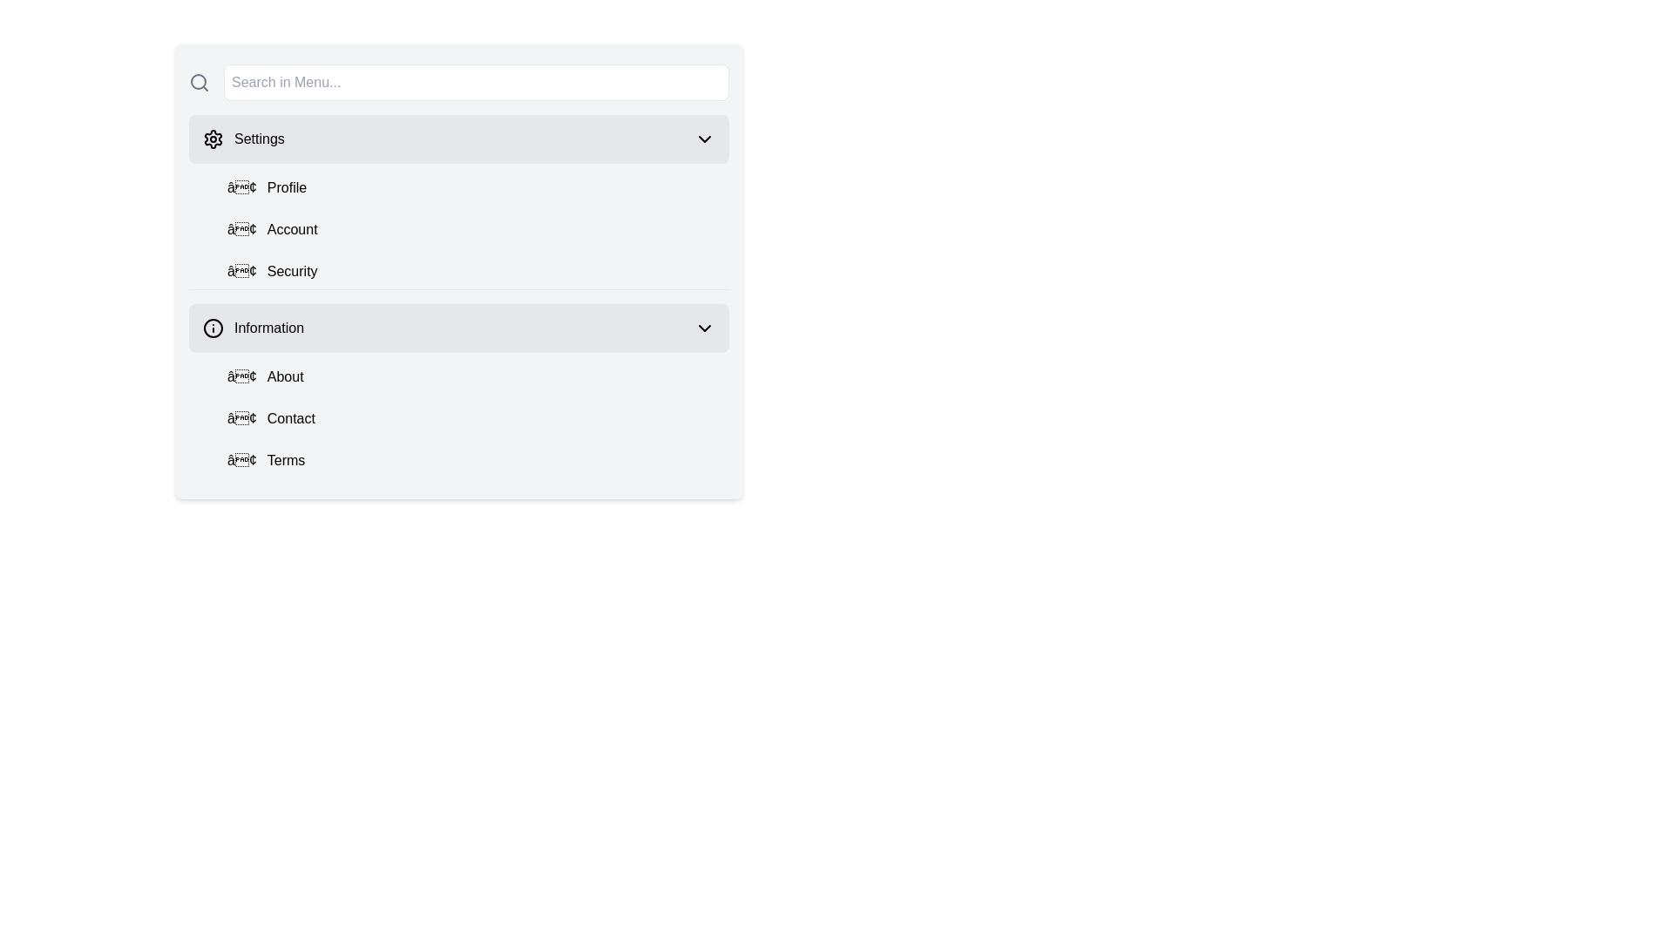 The height and width of the screenshot is (941, 1673). What do you see at coordinates (258, 138) in the screenshot?
I see `the 'Settings' static text label located at the top section of the side navigation menu, which is next to a gear-shaped icon` at bounding box center [258, 138].